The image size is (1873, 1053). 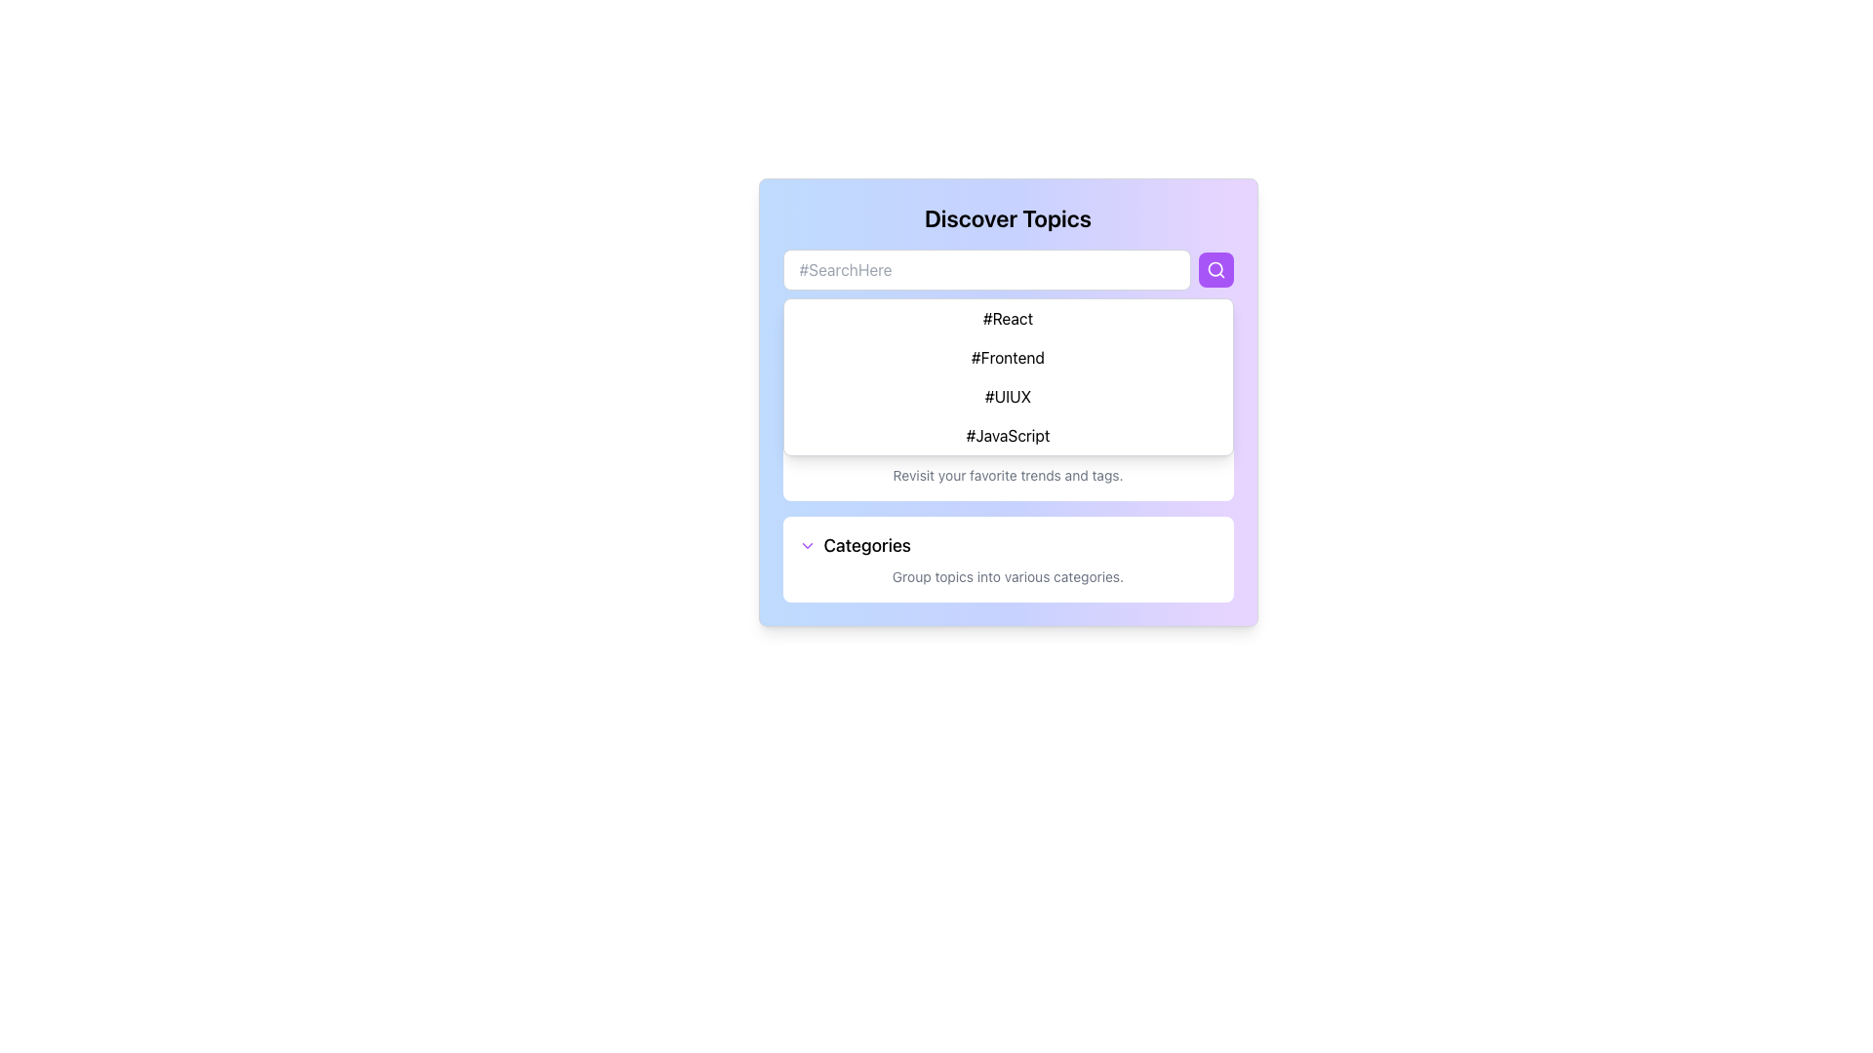 I want to click on the dropdown list containing the hashtags (#React, #Frontend, #UIUX, #JavaScript), so click(x=1008, y=376).